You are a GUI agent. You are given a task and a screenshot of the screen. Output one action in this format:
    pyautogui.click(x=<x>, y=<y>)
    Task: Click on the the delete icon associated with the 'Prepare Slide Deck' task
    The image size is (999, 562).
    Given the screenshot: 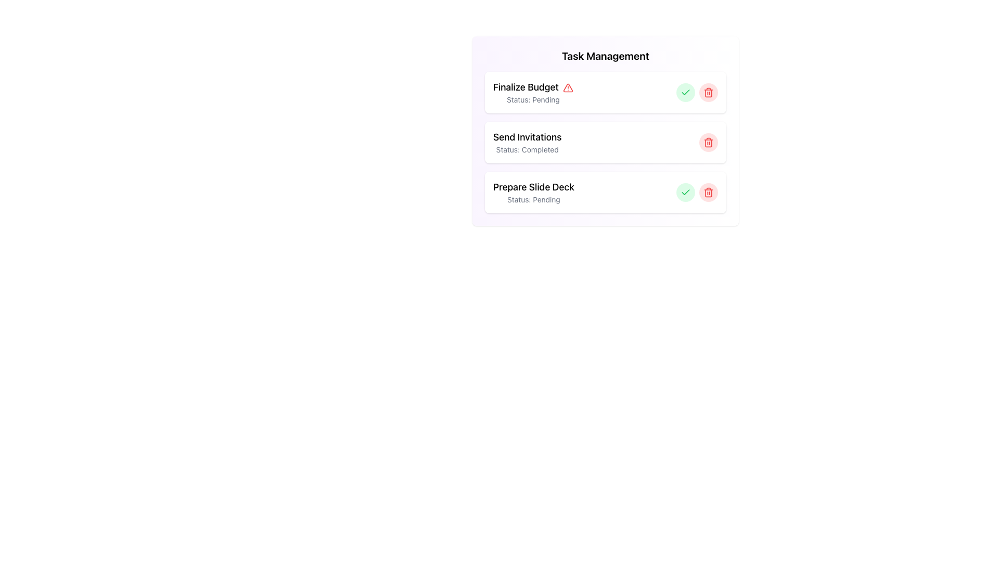 What is the action you would take?
    pyautogui.click(x=708, y=193)
    